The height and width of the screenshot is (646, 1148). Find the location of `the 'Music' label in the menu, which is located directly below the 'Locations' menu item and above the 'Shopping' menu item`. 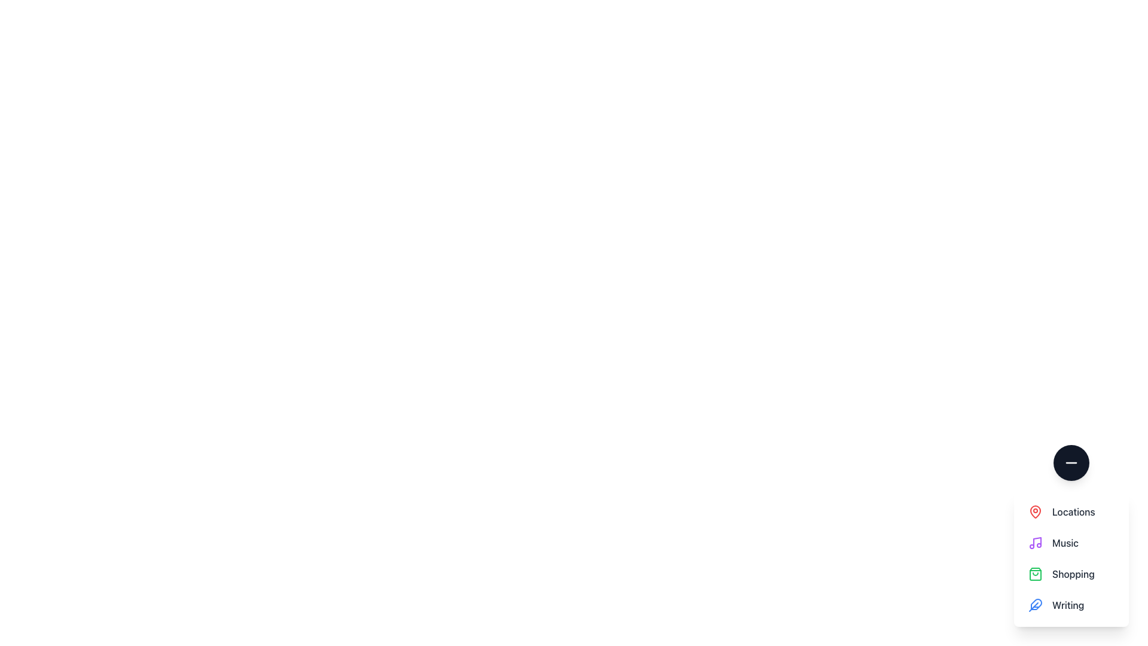

the 'Music' label in the menu, which is located directly below the 'Locations' menu item and above the 'Shopping' menu item is located at coordinates (1065, 543).